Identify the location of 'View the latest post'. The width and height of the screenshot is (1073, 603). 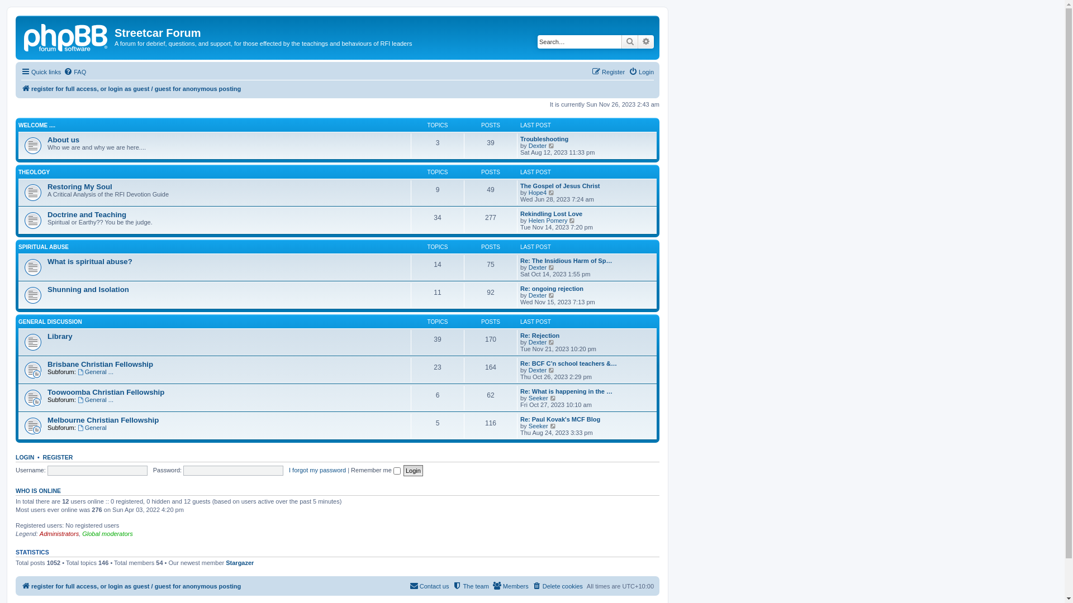
(549, 426).